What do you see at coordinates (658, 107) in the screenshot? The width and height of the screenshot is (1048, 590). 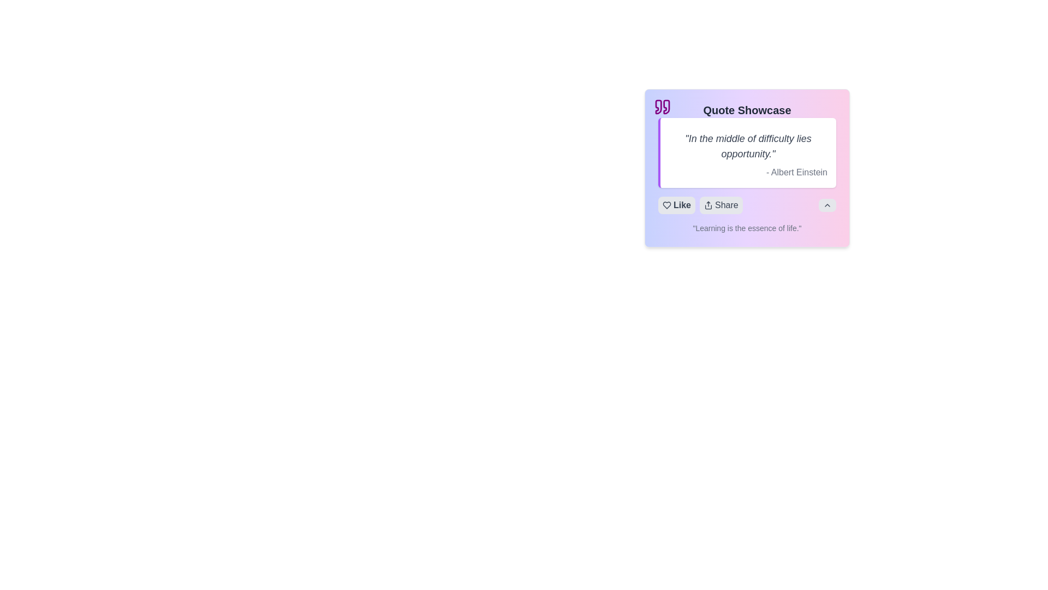 I see `the left quotation mark, a decorative SVG element styled in purple, located in the top-left corner of the quote box` at bounding box center [658, 107].